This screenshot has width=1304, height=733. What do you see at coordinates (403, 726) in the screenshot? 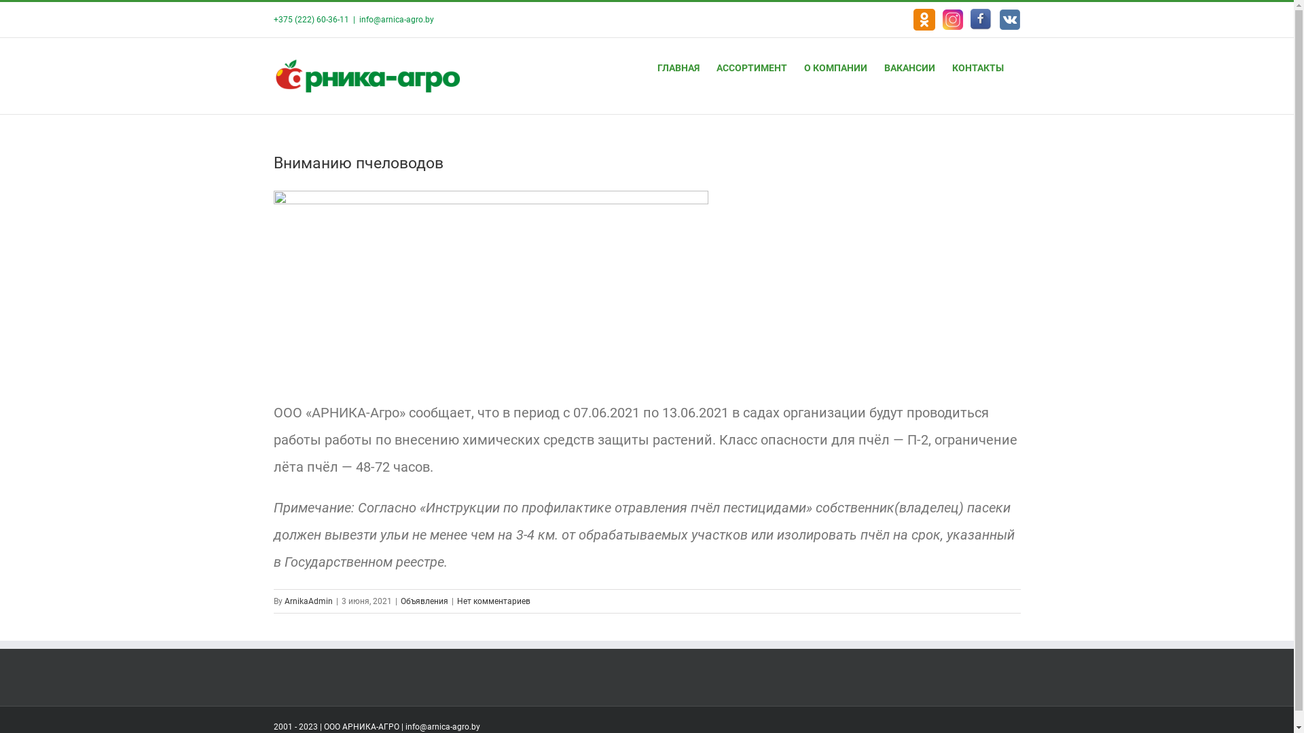
I see `'info@arnica-agro.by'` at bounding box center [403, 726].